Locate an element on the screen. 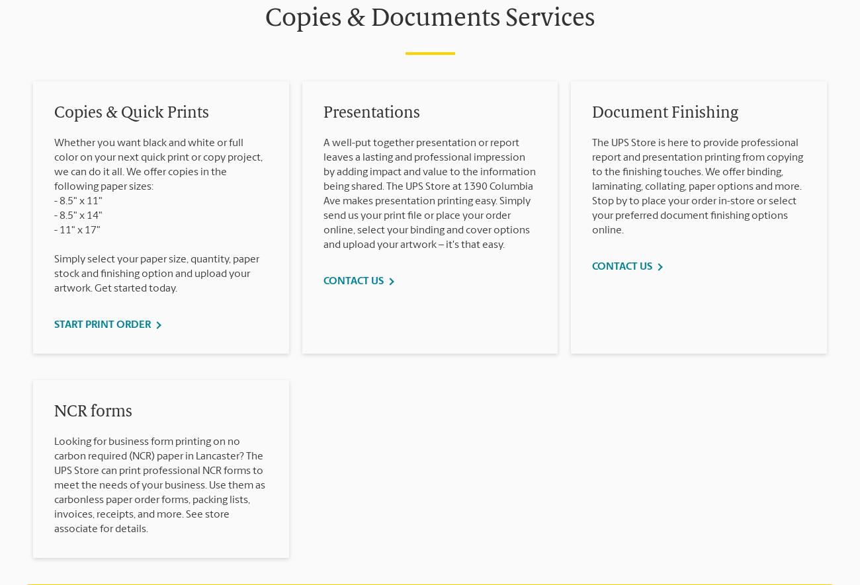 This screenshot has width=860, height=585. 'Copies & Quick Prints' is located at coordinates (54, 114).